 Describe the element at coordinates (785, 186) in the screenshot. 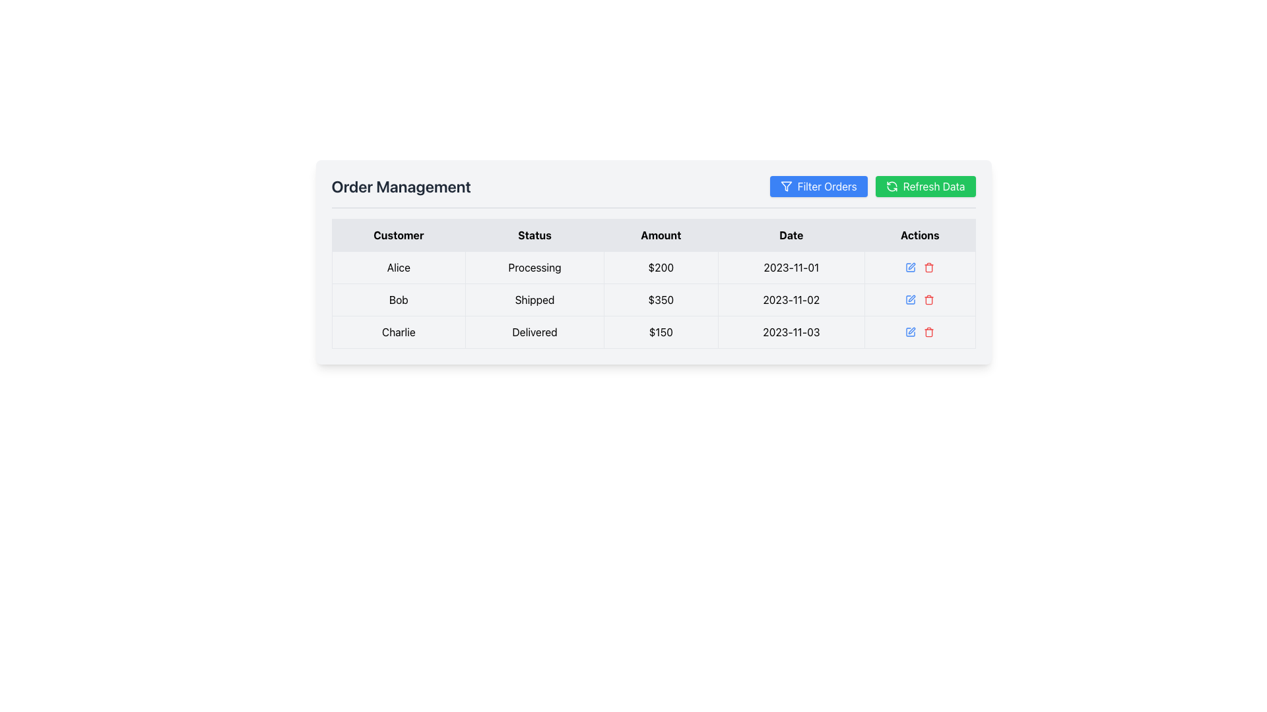

I see `the filter orders icon located to the left of the button text inside the 'Filter Orders' button at the top right corner of the table interface` at that location.